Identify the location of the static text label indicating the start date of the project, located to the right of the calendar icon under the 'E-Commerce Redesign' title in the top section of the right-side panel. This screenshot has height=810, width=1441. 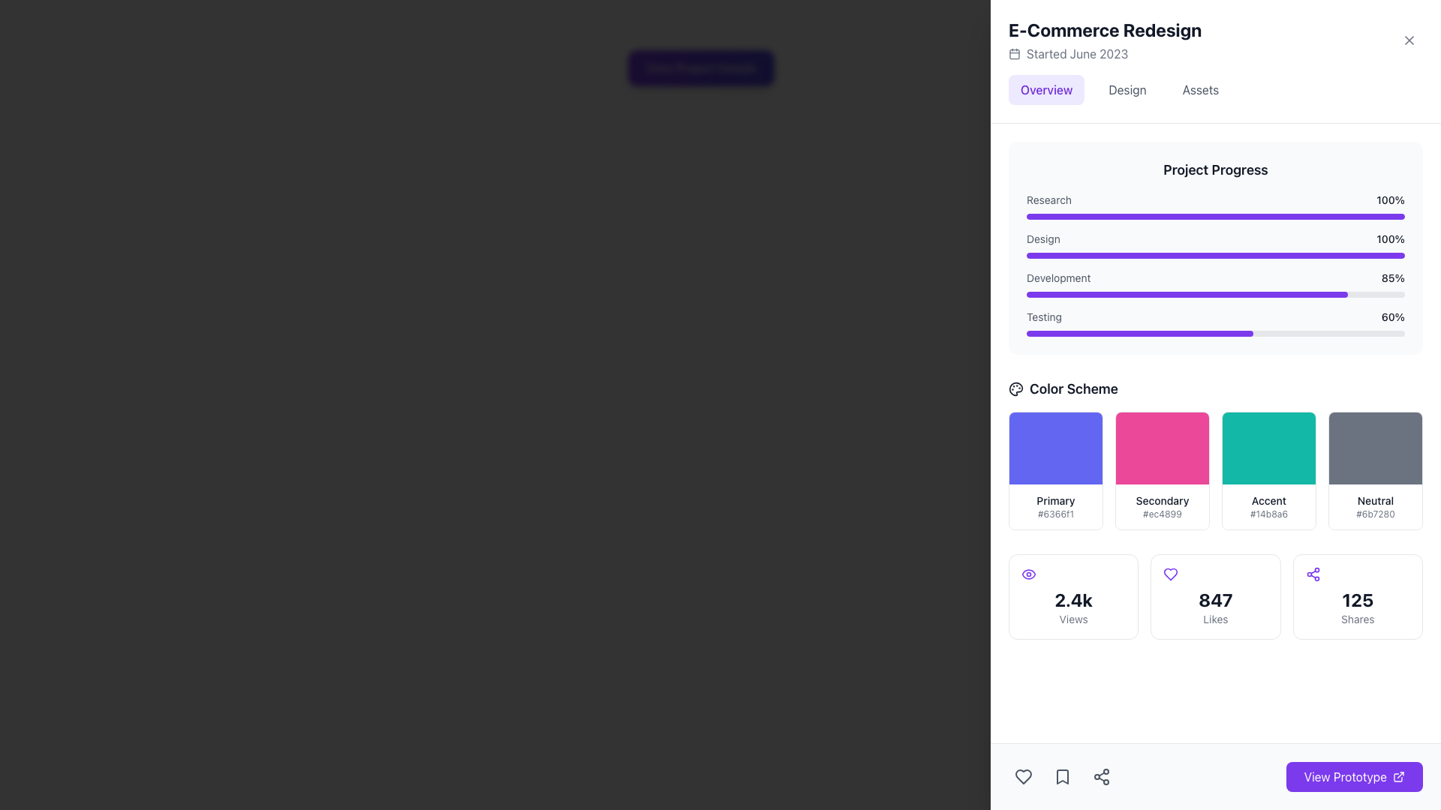
(1076, 53).